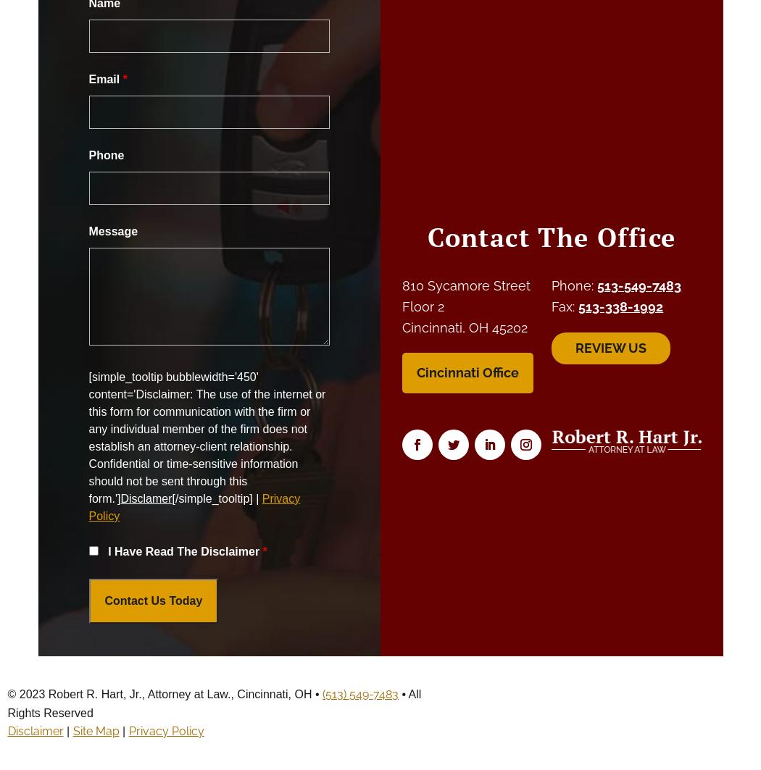  I want to click on '[simple_tooltip bubblewidth='450' content='Disclaimer: The use of the internet or this form for communication with the firm or any individual member of the firm does not establish an attorney-client relationship. Confidential or time-sensitive information should not be sent through this form.']', so click(206, 436).